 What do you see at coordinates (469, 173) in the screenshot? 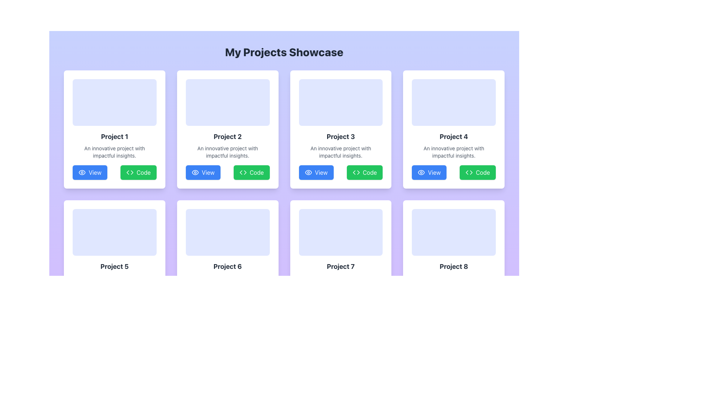
I see `the decorative icon within the 'Code' button located in the bottom-right corner of the 'Project 4' card in the top-right corner of the grid of project cards` at bounding box center [469, 173].